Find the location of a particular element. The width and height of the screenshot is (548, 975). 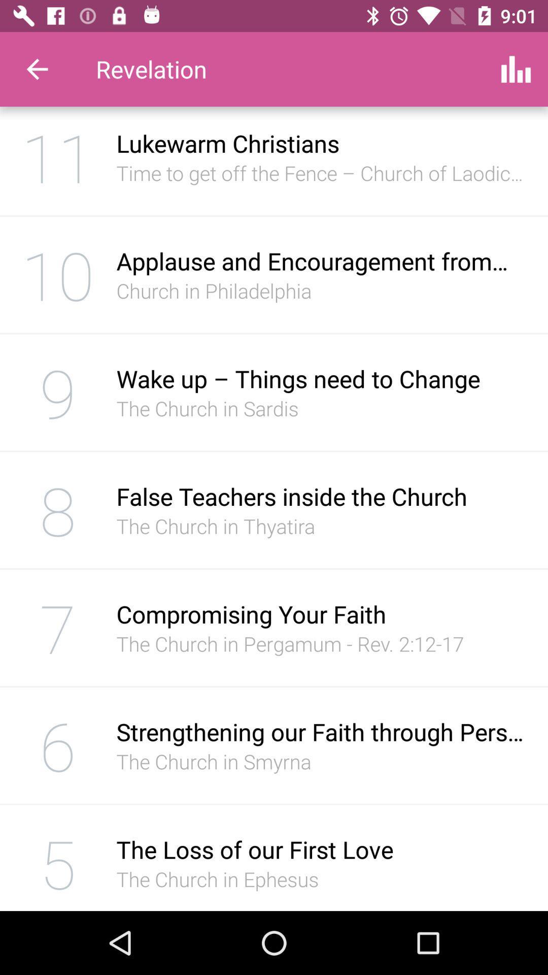

the item to the left of revelation is located at coordinates (37, 69).